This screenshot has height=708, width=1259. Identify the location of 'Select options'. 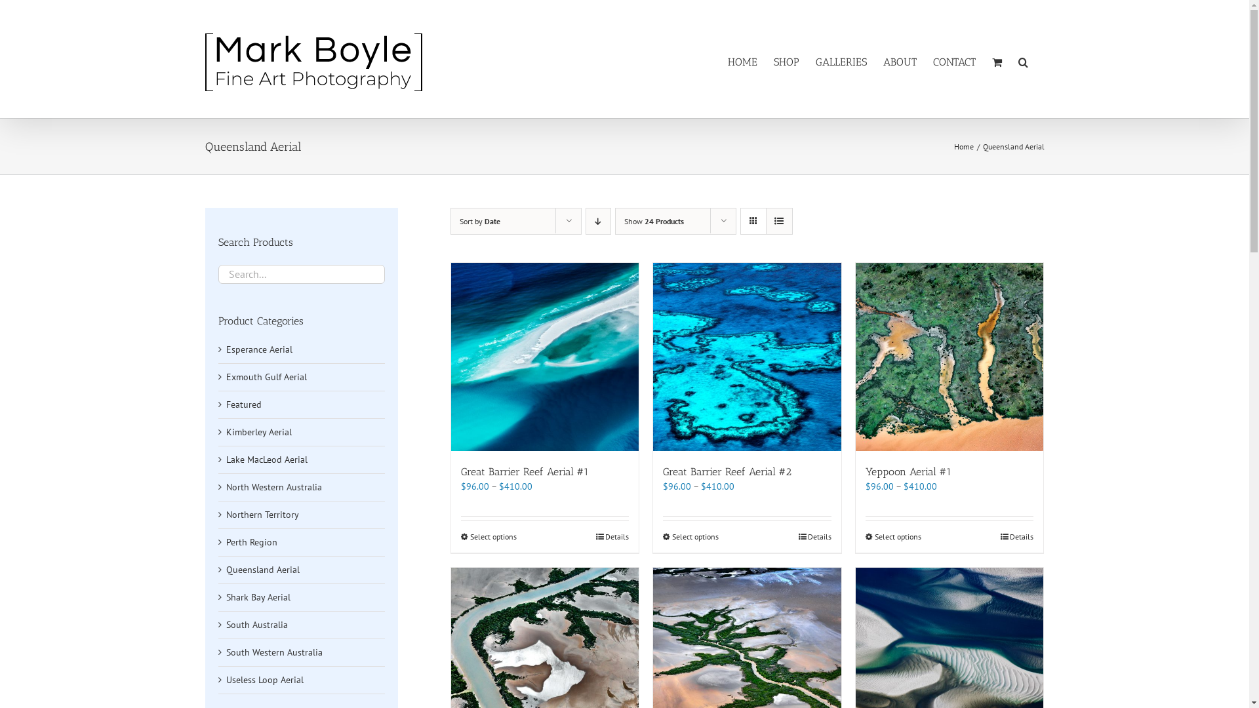
(690, 536).